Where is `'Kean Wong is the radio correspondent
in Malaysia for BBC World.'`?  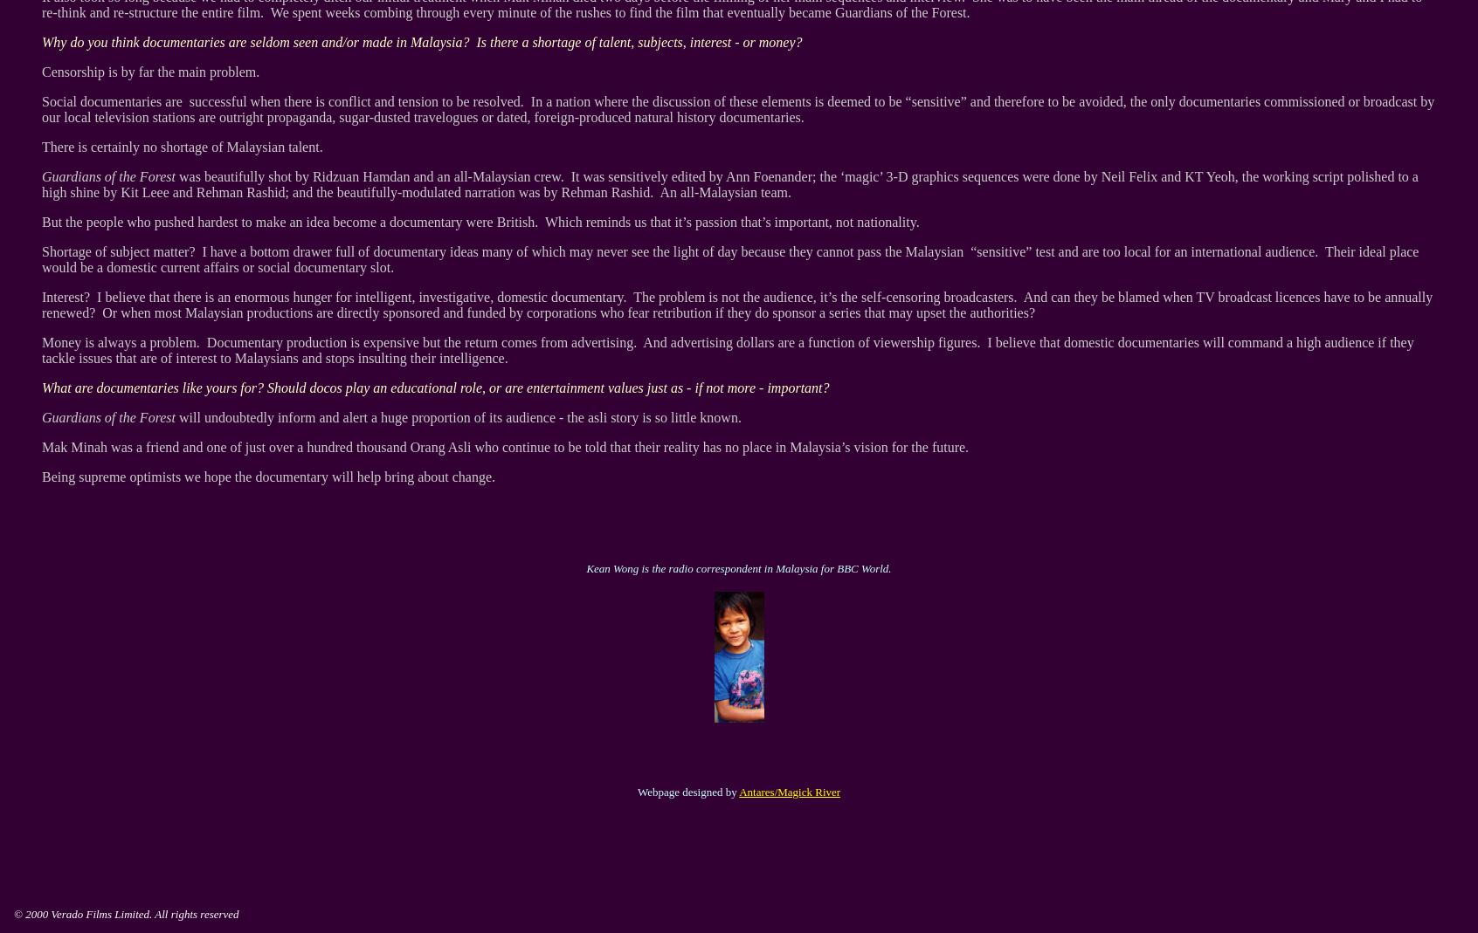 'Kean Wong is the radio correspondent
in Malaysia for BBC World.' is located at coordinates (586, 567).